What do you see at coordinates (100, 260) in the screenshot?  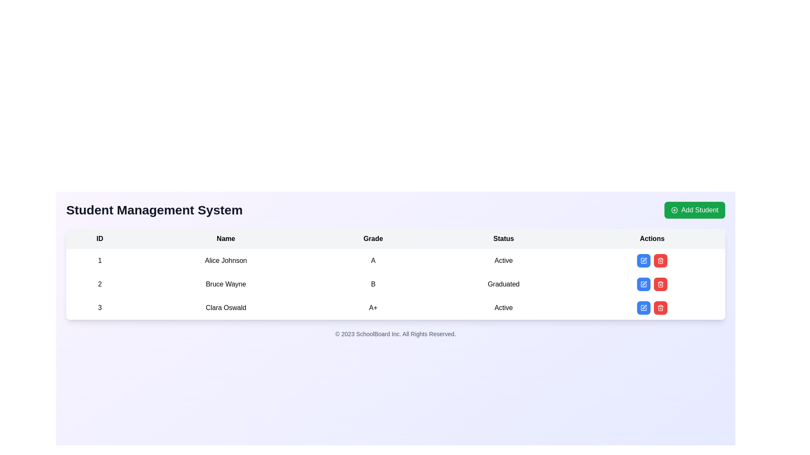 I see `the text '1' displayed in the first row and first column of the table, which is styled with padding and centrally aligned` at bounding box center [100, 260].